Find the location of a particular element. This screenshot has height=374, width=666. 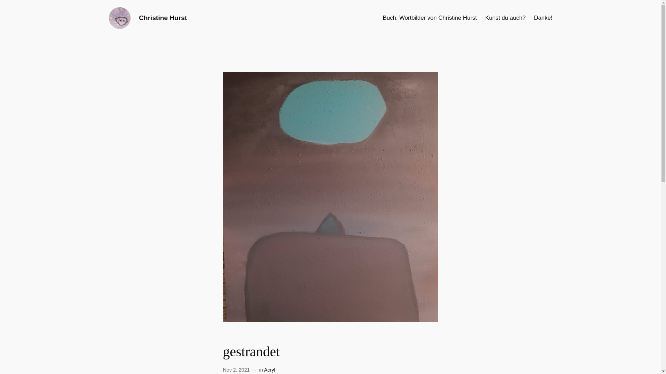

'Kunst du auch?' is located at coordinates (485, 17).